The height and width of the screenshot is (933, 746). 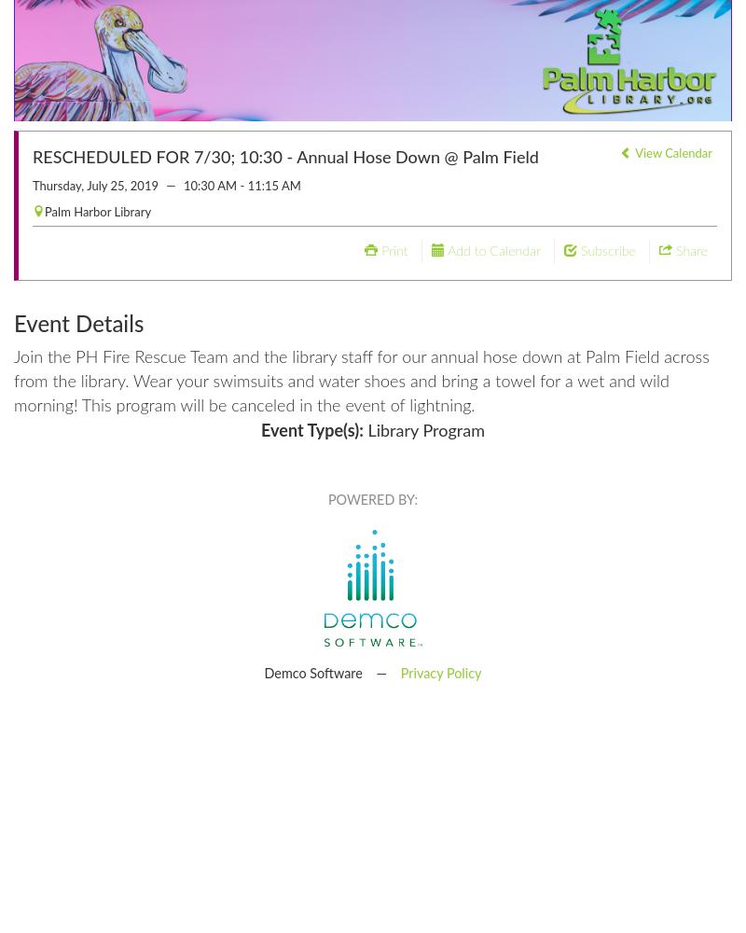 I want to click on 'Palm Harbor Library', so click(x=97, y=211).